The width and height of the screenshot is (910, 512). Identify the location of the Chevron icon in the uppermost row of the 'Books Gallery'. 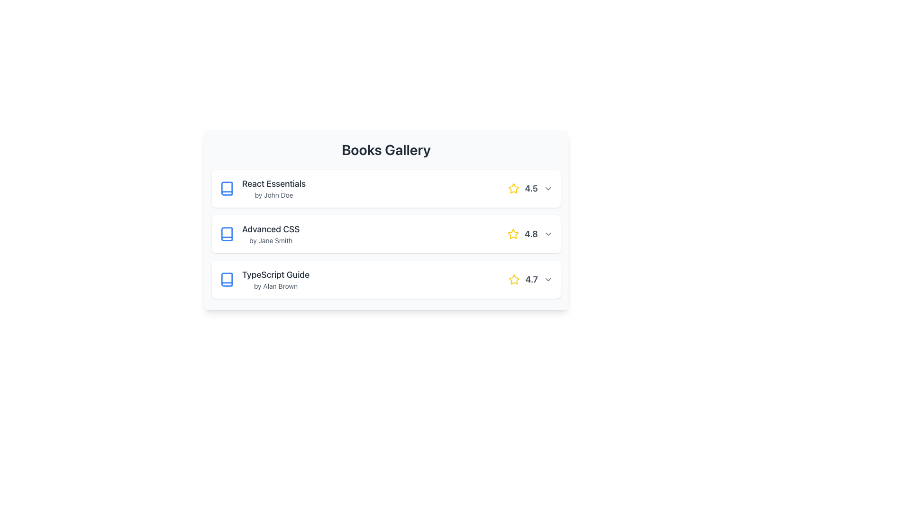
(548, 188).